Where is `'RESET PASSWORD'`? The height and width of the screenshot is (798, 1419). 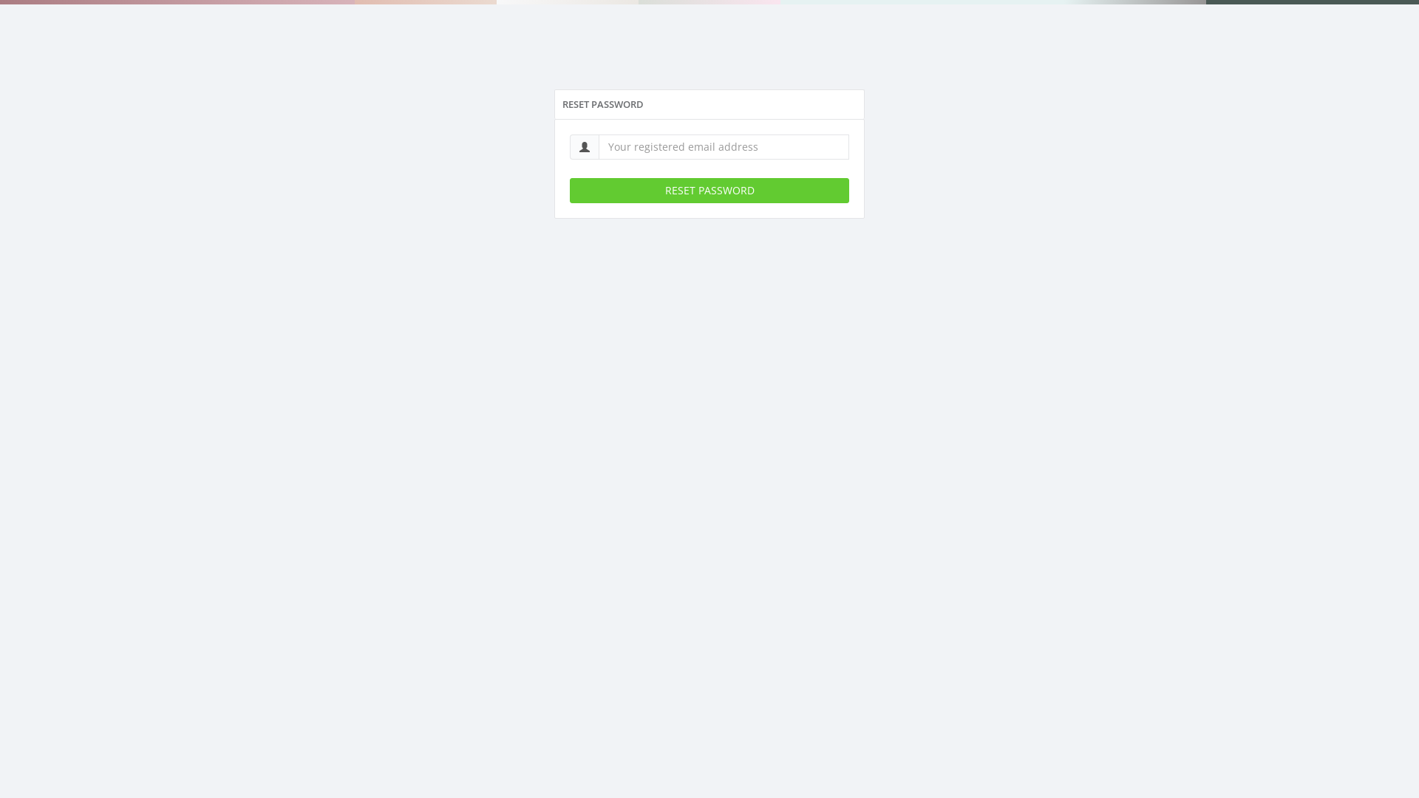 'RESET PASSWORD' is located at coordinates (709, 190).